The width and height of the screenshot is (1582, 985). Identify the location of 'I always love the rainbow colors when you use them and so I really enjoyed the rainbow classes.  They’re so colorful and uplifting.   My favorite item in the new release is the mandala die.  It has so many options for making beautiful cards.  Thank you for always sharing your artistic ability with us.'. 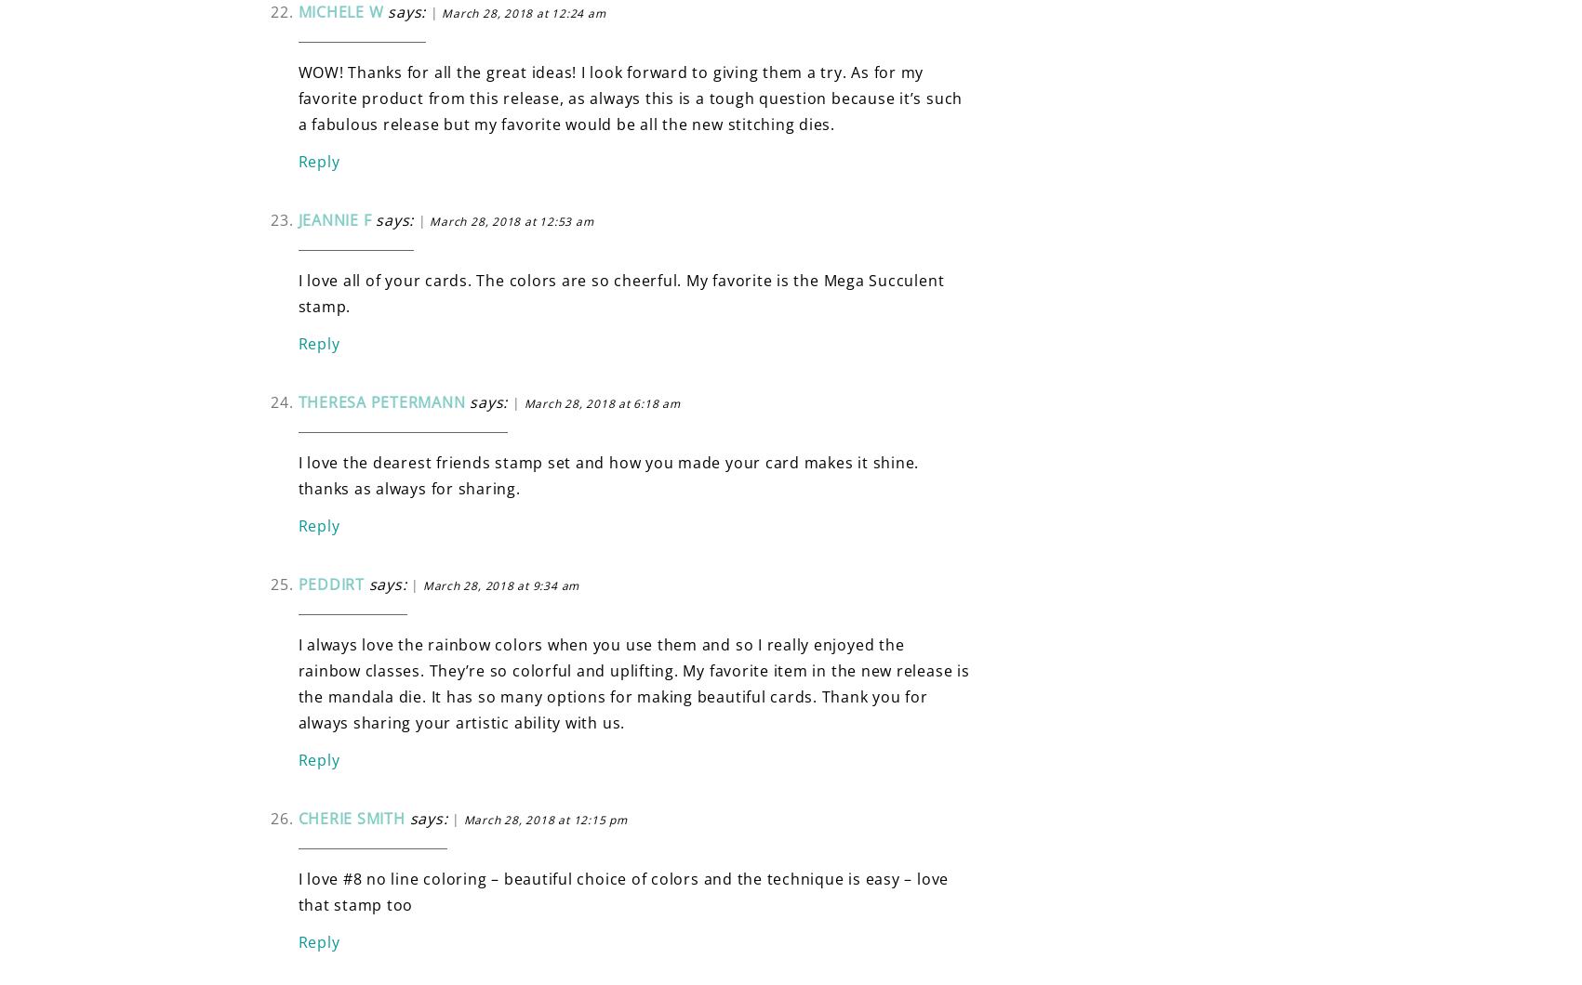
(632, 682).